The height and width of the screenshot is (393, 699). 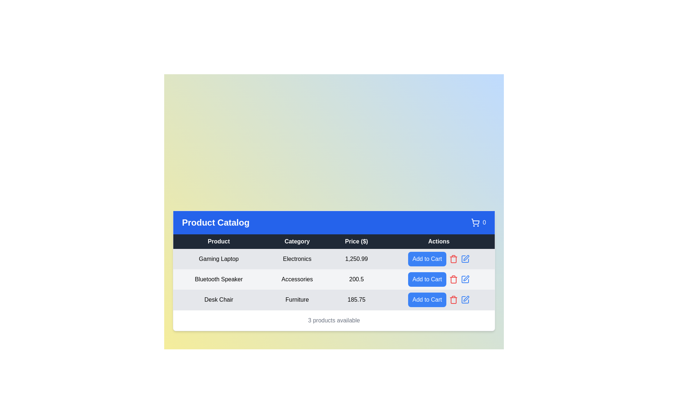 I want to click on the 'Add to Cart' button, which is a rectangular button with a blue background and white text, located in the last row of the product table under the 'Actions' column, so click(x=438, y=299).